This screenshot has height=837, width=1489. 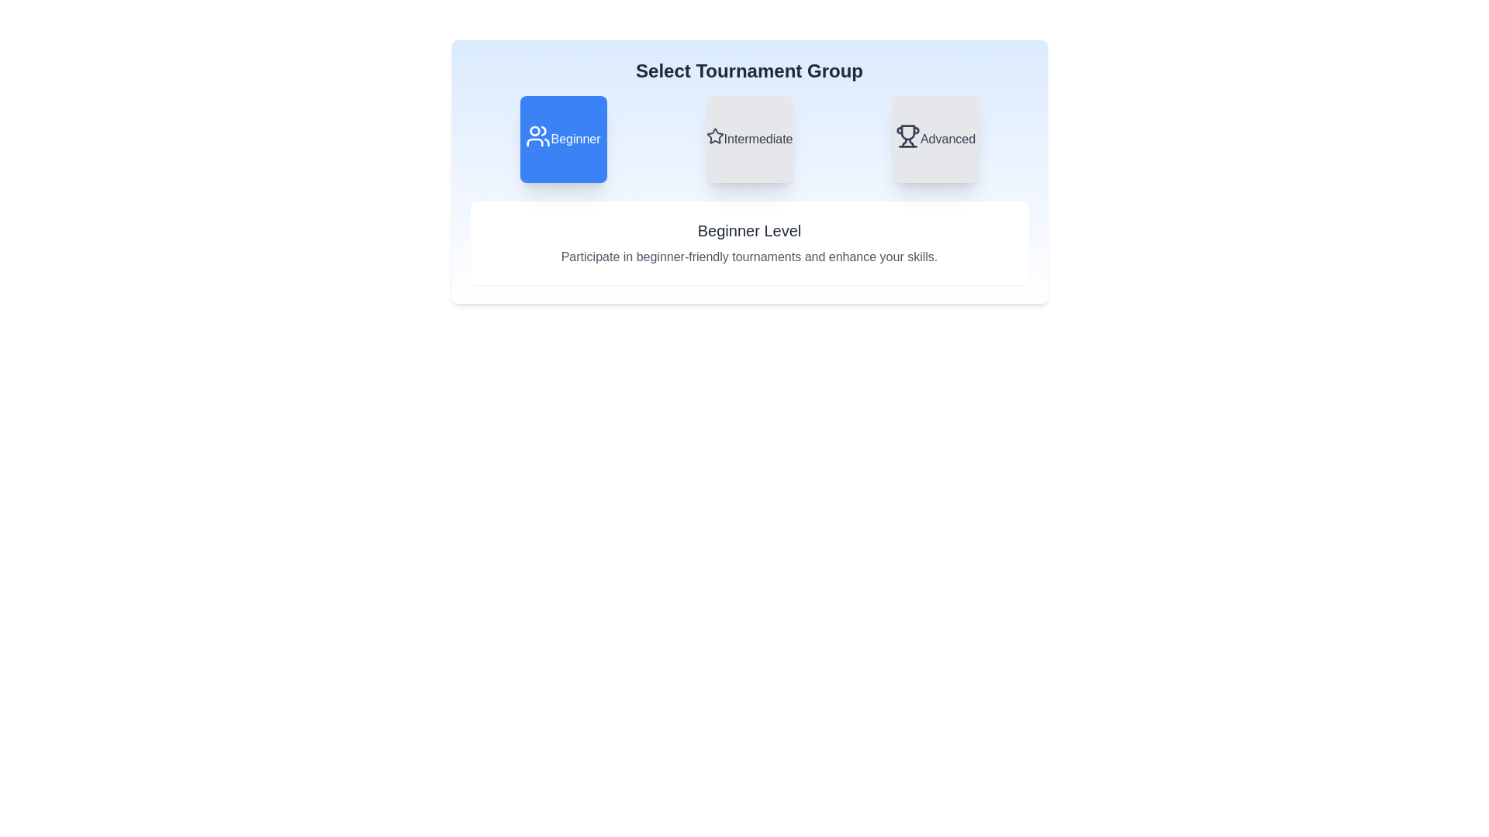 I want to click on the 'Intermediate' button located between the 'Beginner' button on the left and the 'Advanced' button on the right, so click(x=749, y=139).